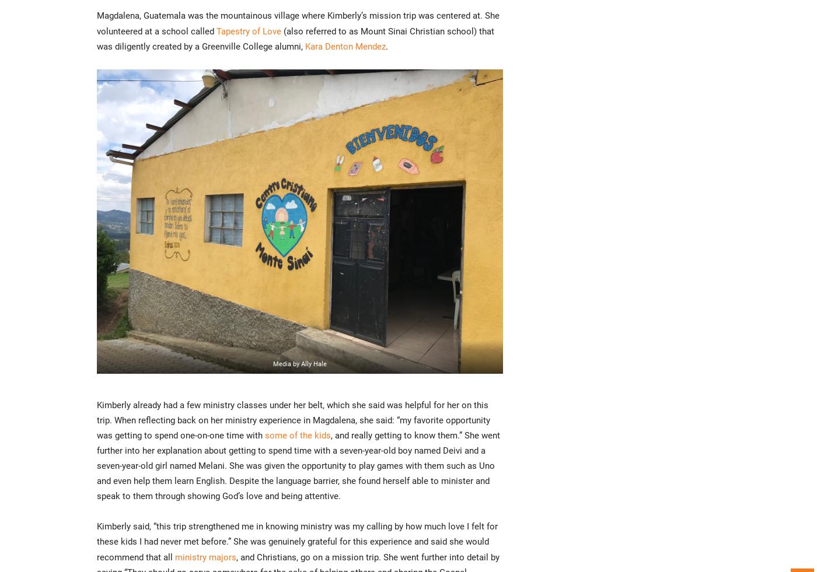 The width and height of the screenshot is (817, 572). I want to click on 'Tapestry of Love', so click(249, 30).